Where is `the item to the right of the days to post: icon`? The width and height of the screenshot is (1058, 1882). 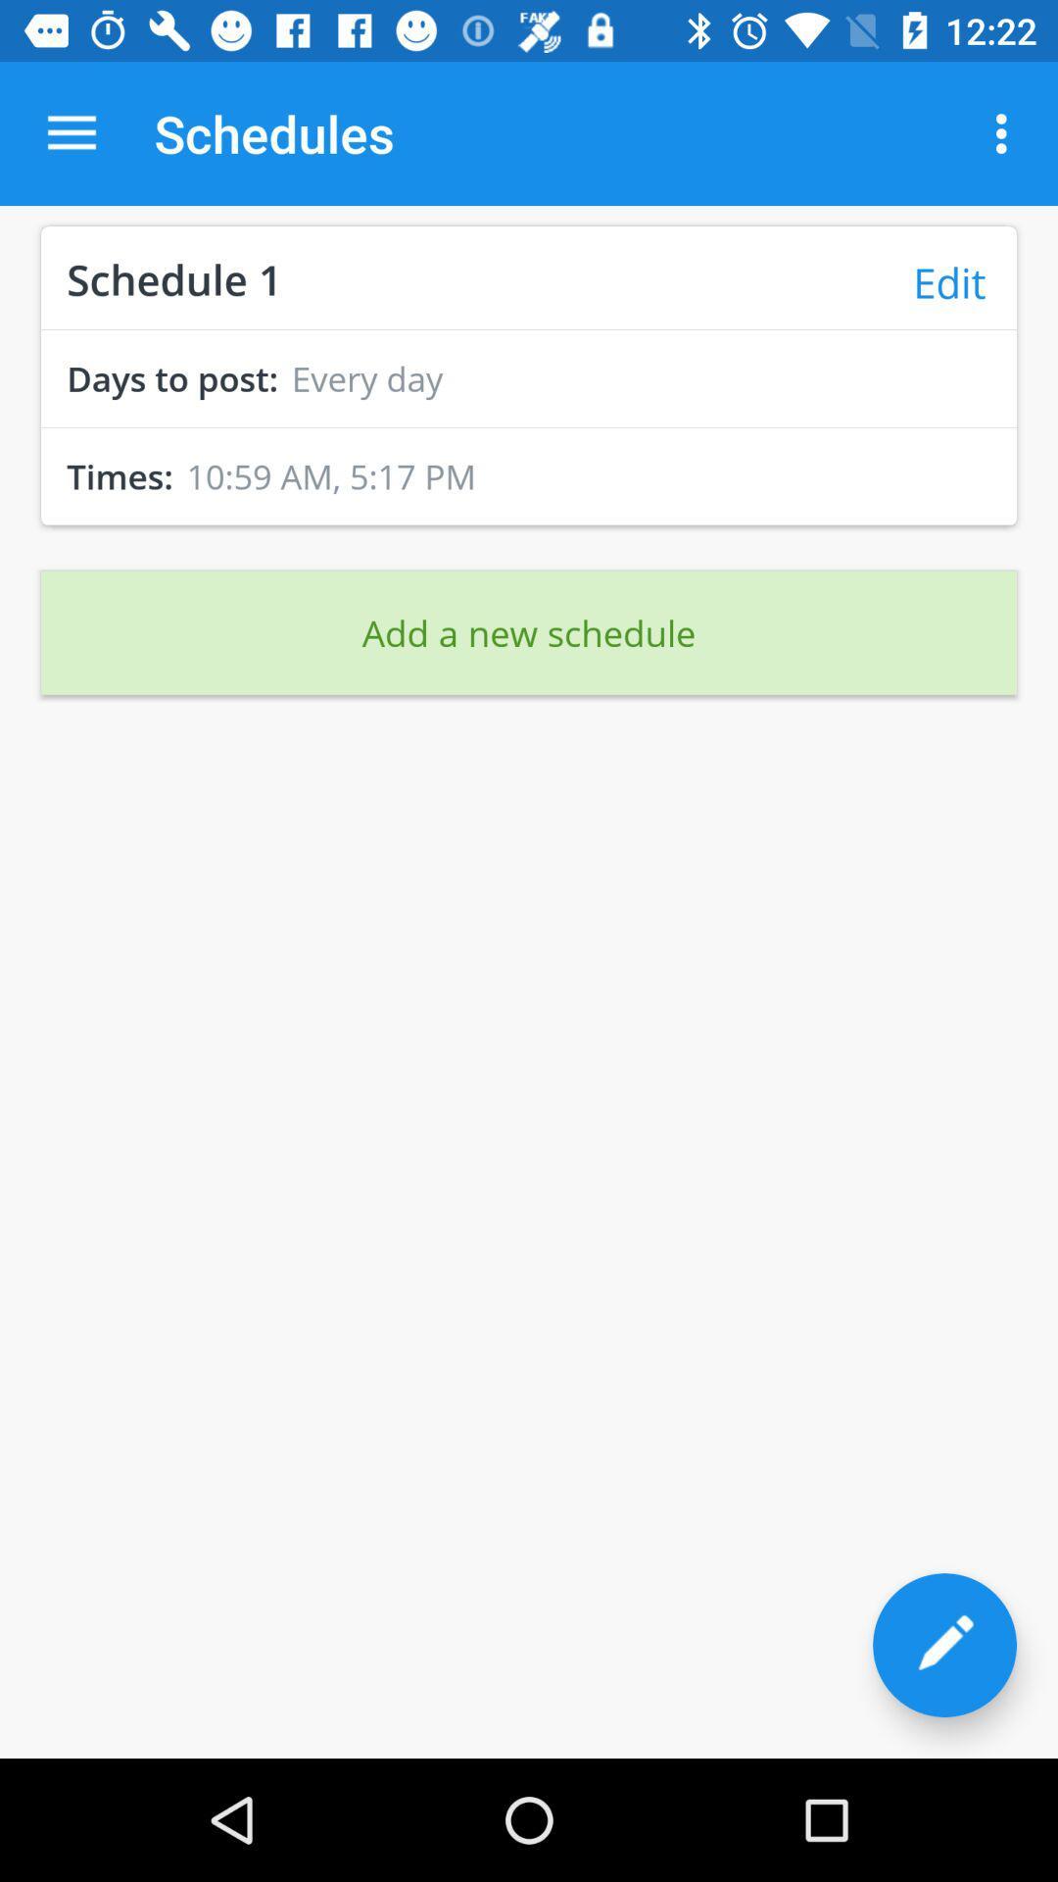
the item to the right of the days to post: icon is located at coordinates (366, 378).